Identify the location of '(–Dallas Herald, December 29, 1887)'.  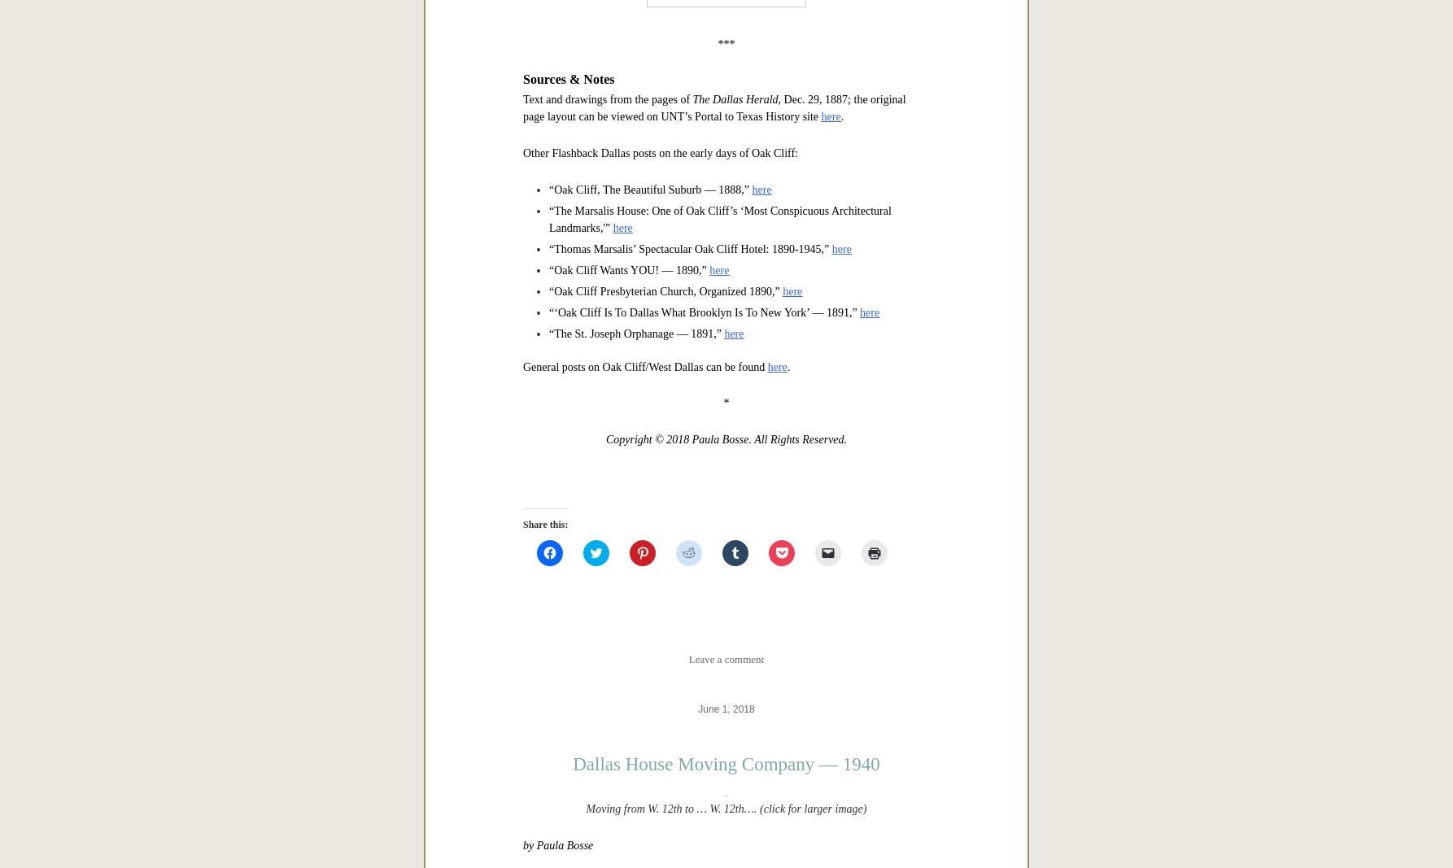
(716, 231).